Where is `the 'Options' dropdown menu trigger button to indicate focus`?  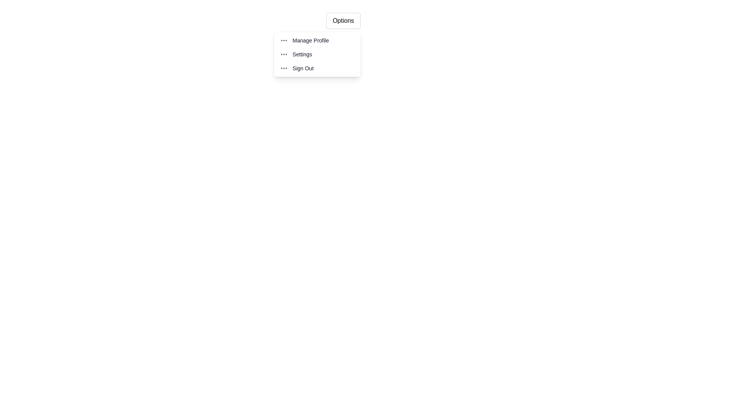
the 'Options' dropdown menu trigger button to indicate focus is located at coordinates (343, 20).